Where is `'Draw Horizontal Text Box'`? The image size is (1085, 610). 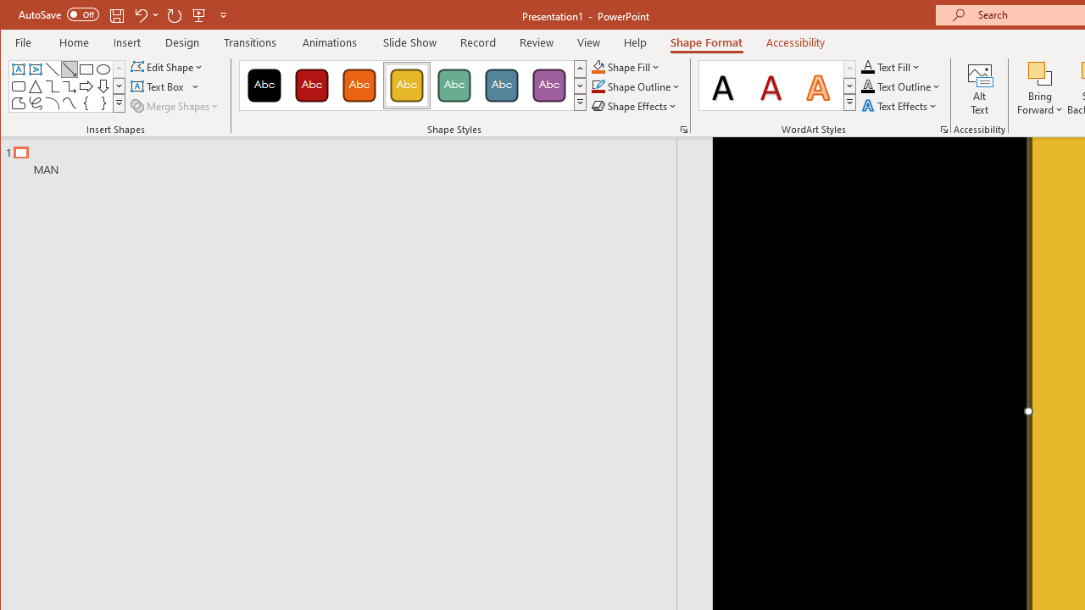
'Draw Horizontal Text Box' is located at coordinates (159, 86).